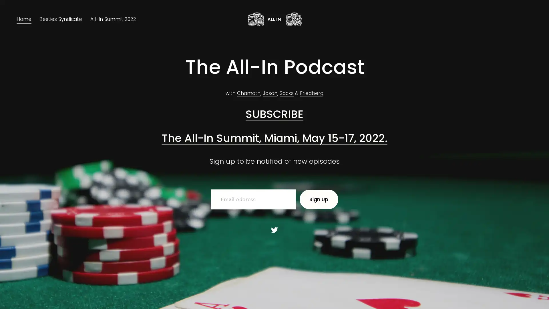 Image resolution: width=549 pixels, height=309 pixels. I want to click on Sign Up, so click(318, 199).